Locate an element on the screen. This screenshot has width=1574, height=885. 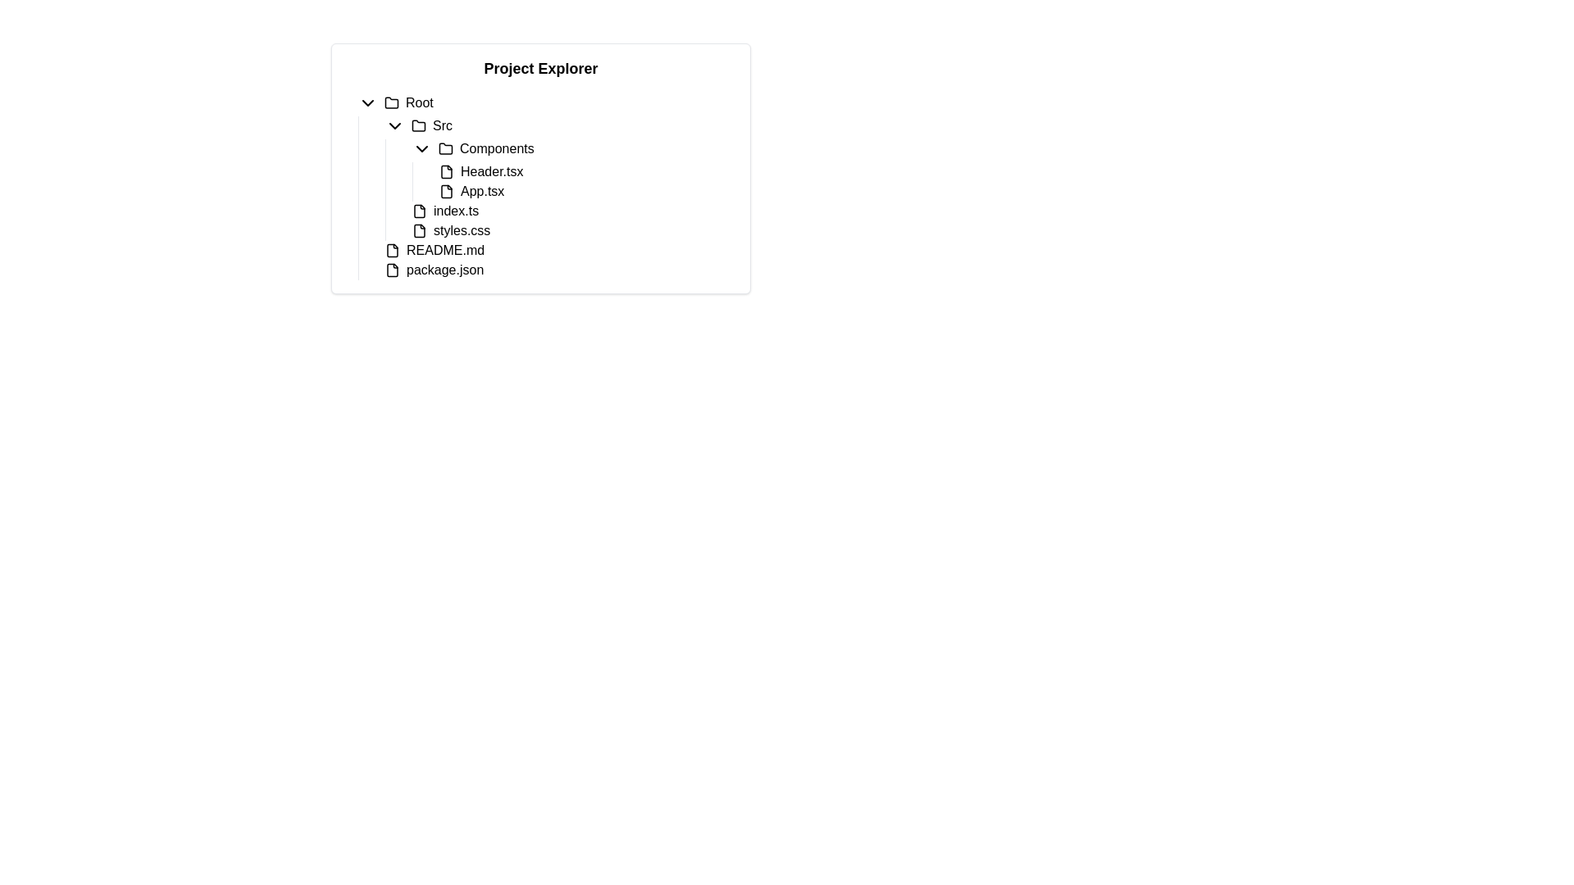
the file icon representing 'App.tsx' located in the 'Src' folder, which precedes the text 'App.tsx' in the project explorer is located at coordinates (447, 191).